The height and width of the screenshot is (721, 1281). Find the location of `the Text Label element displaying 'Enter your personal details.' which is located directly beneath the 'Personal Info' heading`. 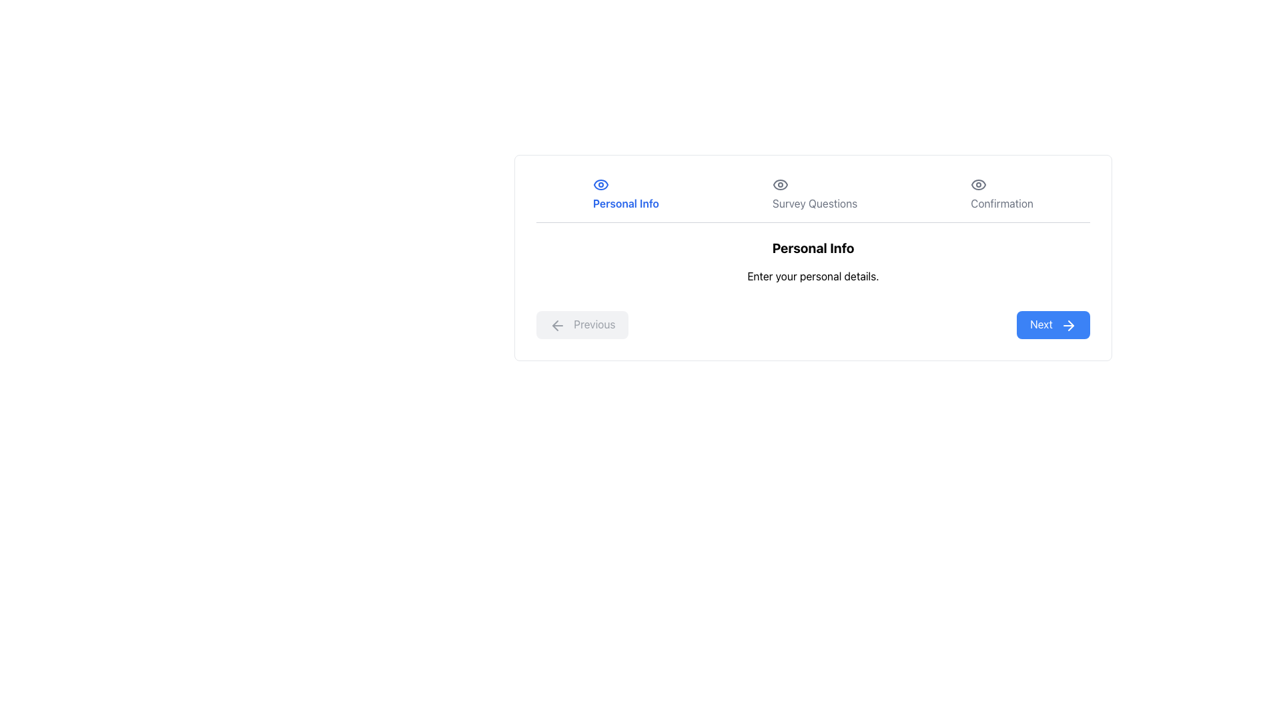

the Text Label element displaying 'Enter your personal details.' which is located directly beneath the 'Personal Info' heading is located at coordinates (813, 275).